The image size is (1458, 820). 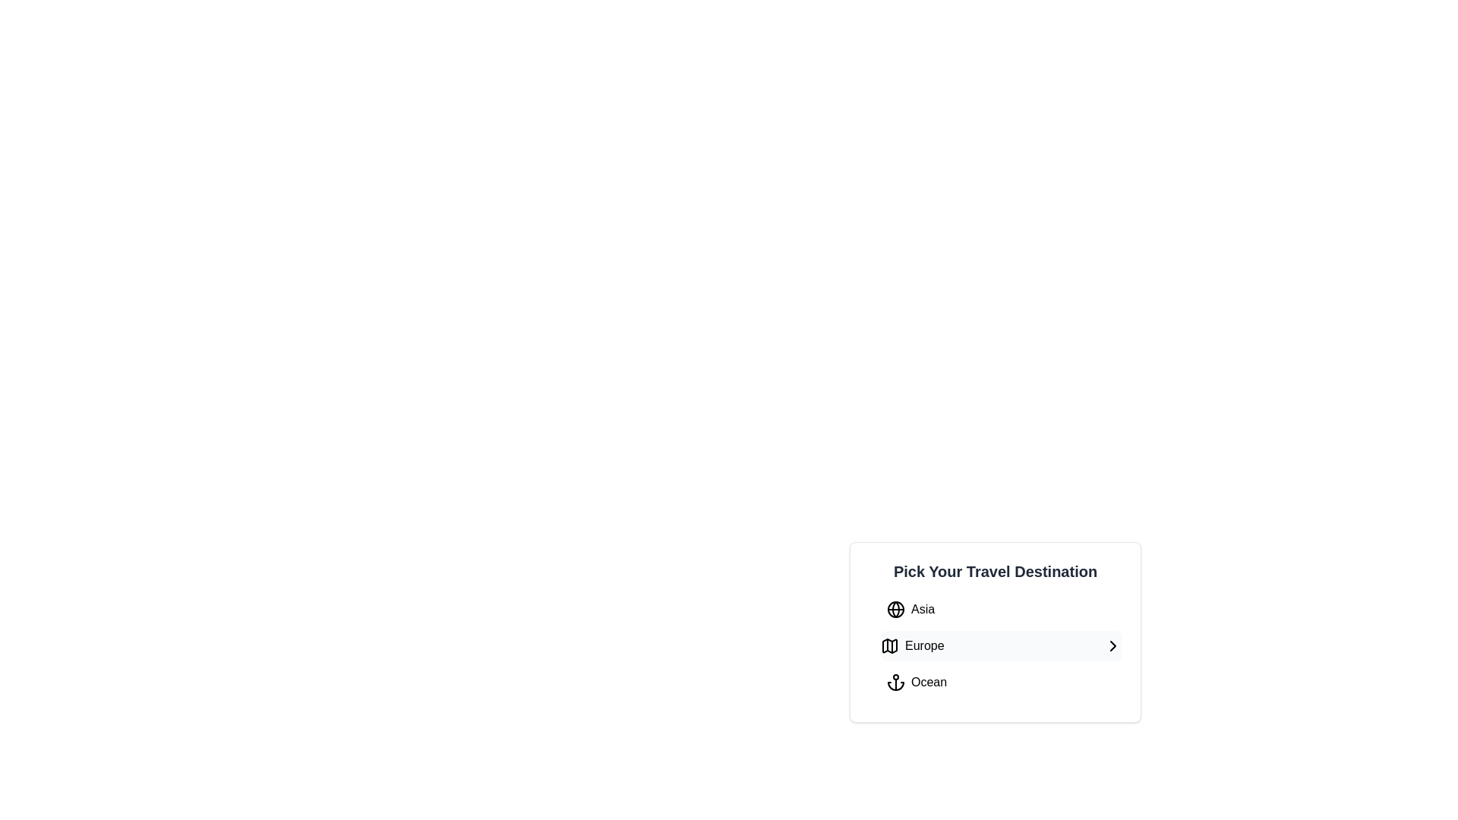 I want to click on the first interactive list item labeled 'Asia' in the 'Pick Your Travel Destination' selection area, so click(x=910, y=608).